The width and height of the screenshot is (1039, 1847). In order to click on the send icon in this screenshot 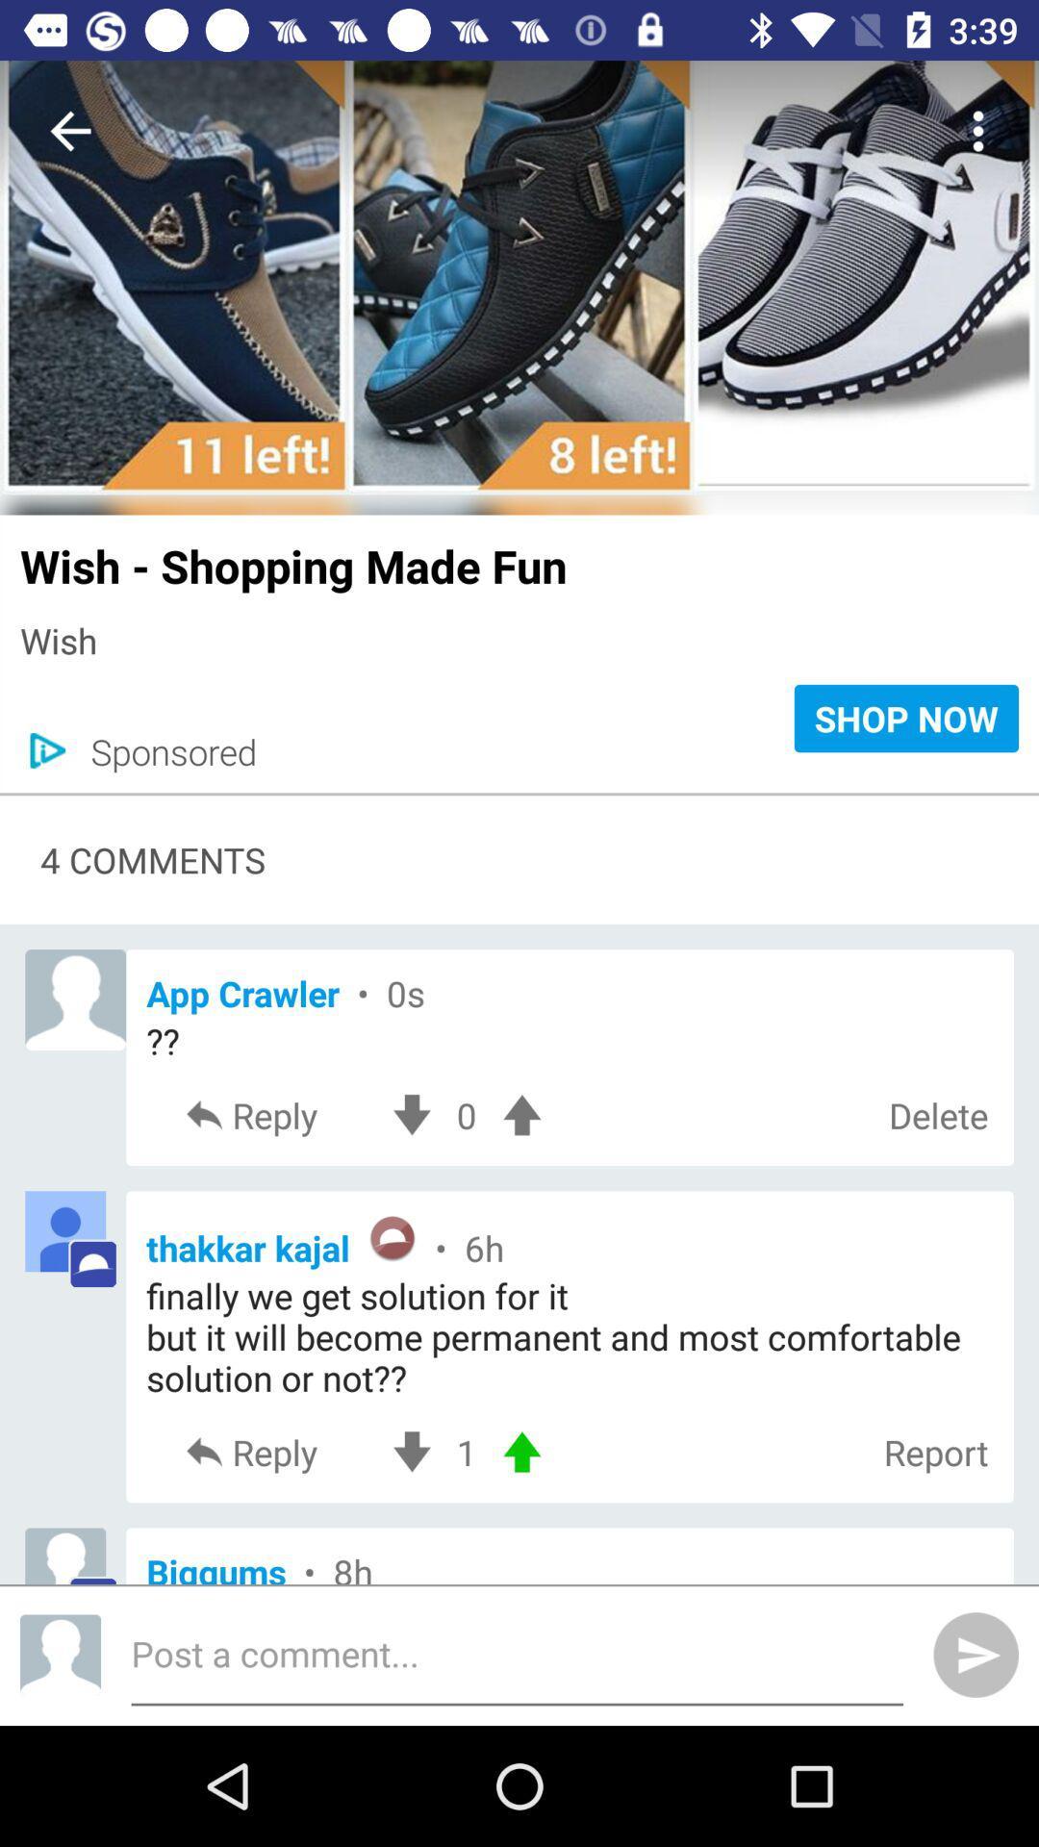, I will do `click(976, 1654)`.